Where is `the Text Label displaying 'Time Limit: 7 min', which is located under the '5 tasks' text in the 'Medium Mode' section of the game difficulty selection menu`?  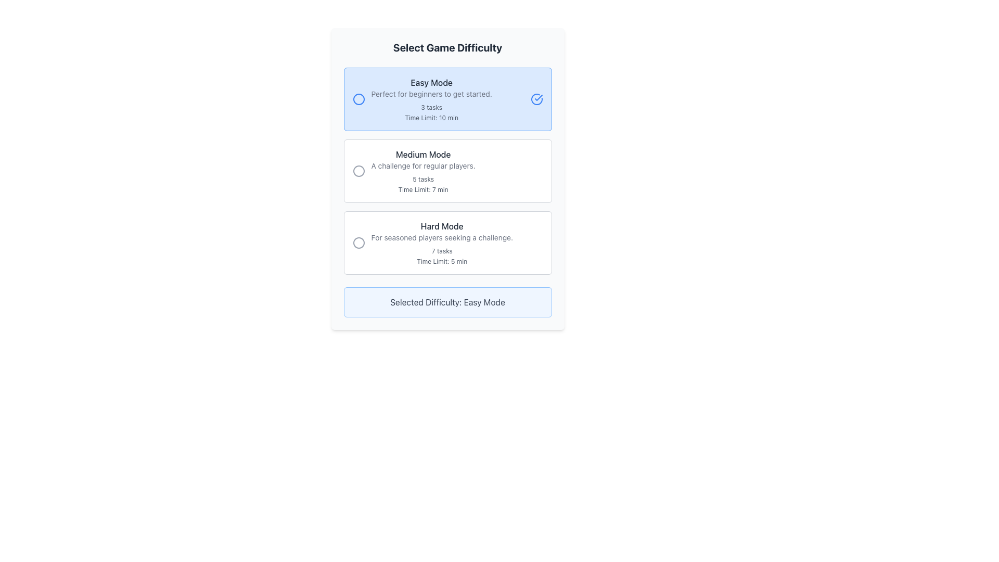 the Text Label displaying 'Time Limit: 7 min', which is located under the '5 tasks' text in the 'Medium Mode' section of the game difficulty selection menu is located at coordinates (423, 190).